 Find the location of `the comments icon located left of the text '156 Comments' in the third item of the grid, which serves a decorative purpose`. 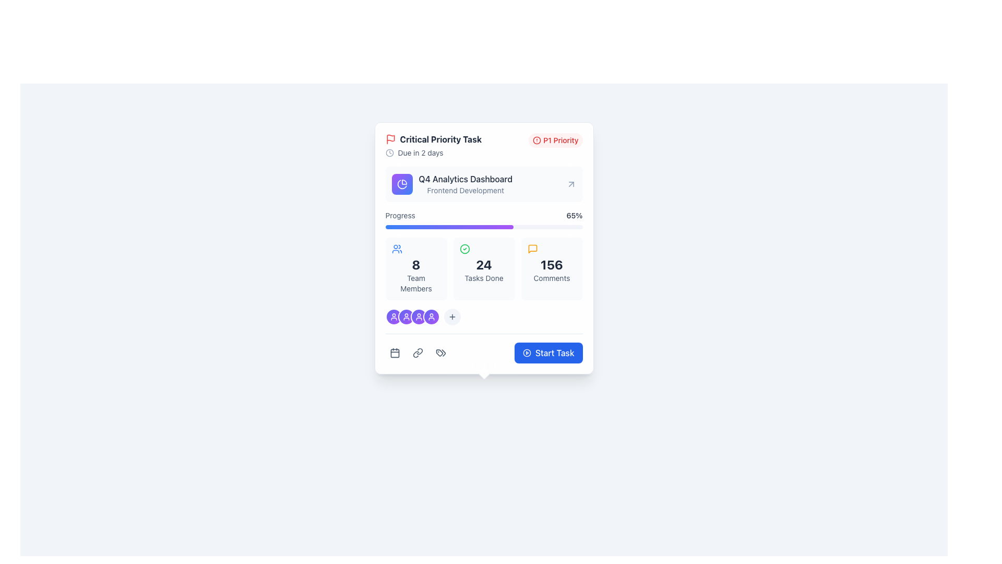

the comments icon located left of the text '156 Comments' in the third item of the grid, which serves a decorative purpose is located at coordinates (532, 249).